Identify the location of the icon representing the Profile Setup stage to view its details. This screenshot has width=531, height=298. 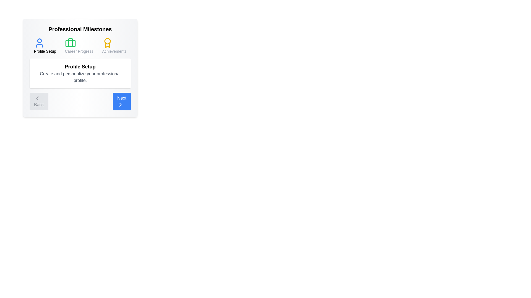
(39, 42).